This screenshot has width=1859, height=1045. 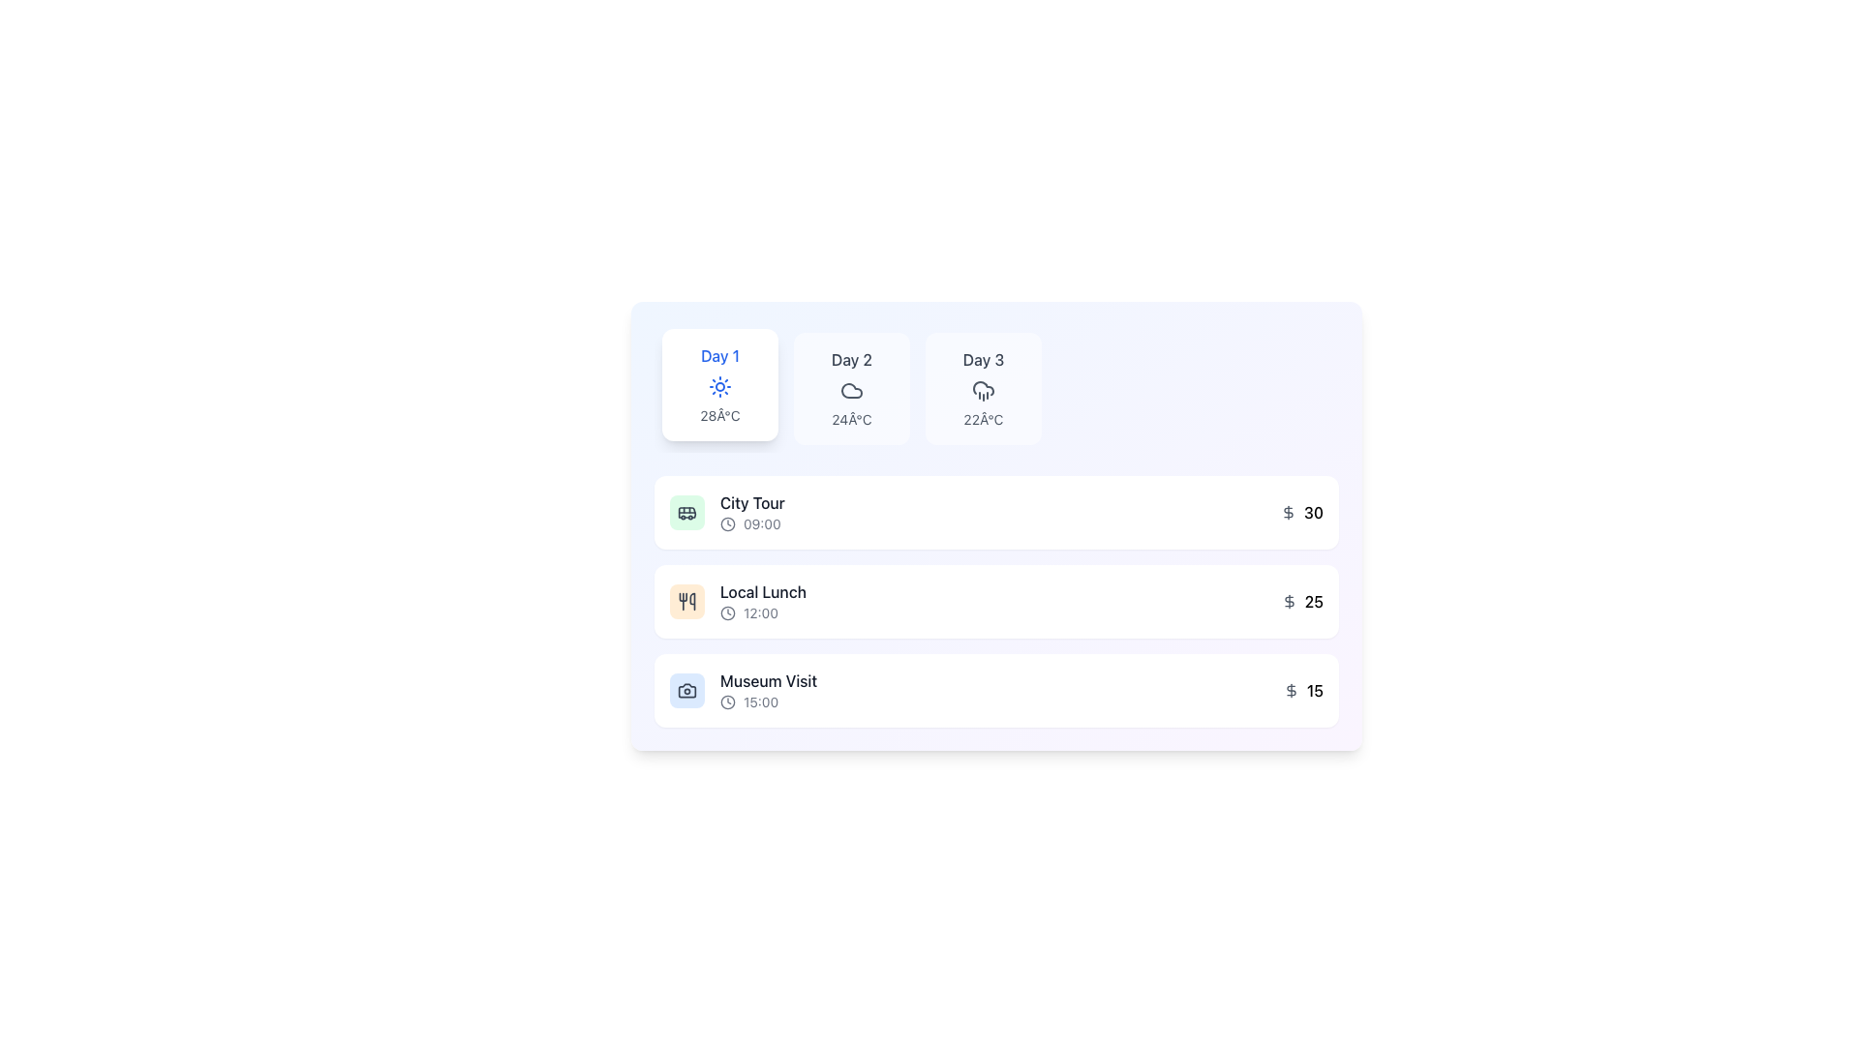 What do you see at coordinates (1315, 689) in the screenshot?
I see `the static text displaying the number '15', which is part of the monetary information section for the 'Museum Visit' entry` at bounding box center [1315, 689].